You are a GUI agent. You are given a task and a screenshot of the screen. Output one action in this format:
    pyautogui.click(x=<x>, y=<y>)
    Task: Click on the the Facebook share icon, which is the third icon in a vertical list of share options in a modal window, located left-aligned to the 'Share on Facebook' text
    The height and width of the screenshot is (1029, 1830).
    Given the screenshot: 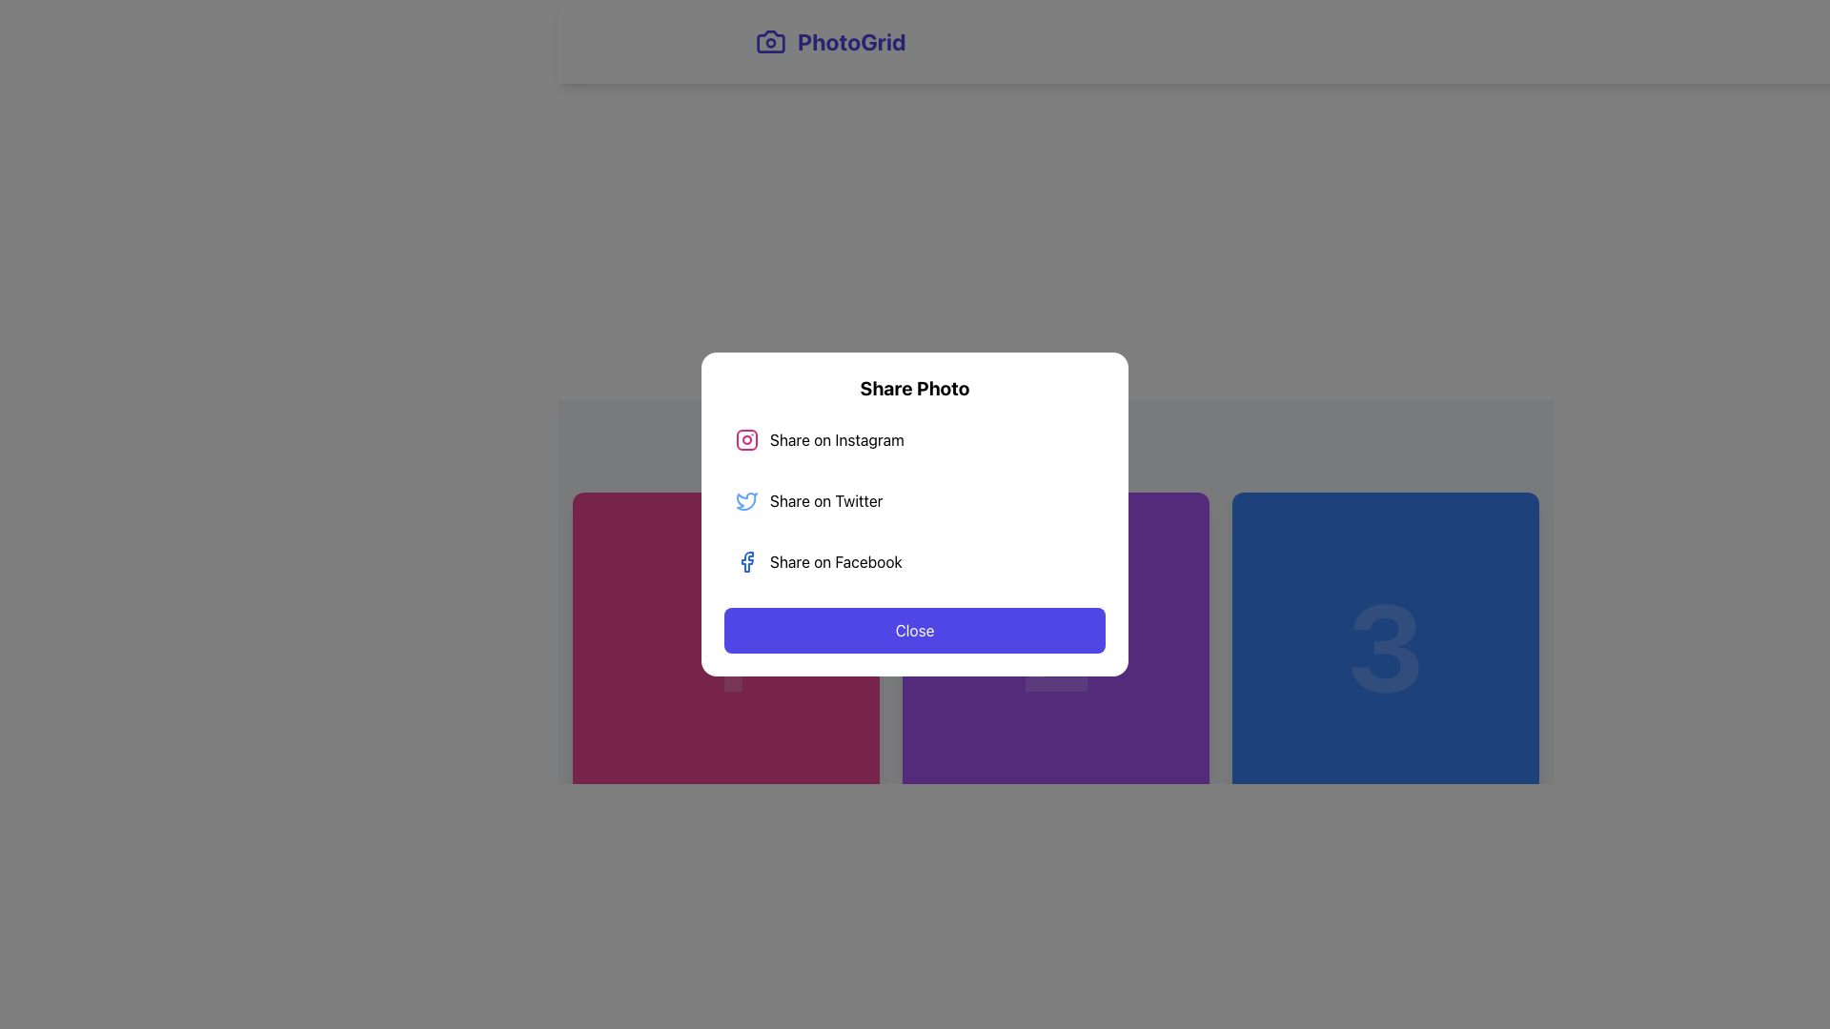 What is the action you would take?
    pyautogui.click(x=745, y=561)
    